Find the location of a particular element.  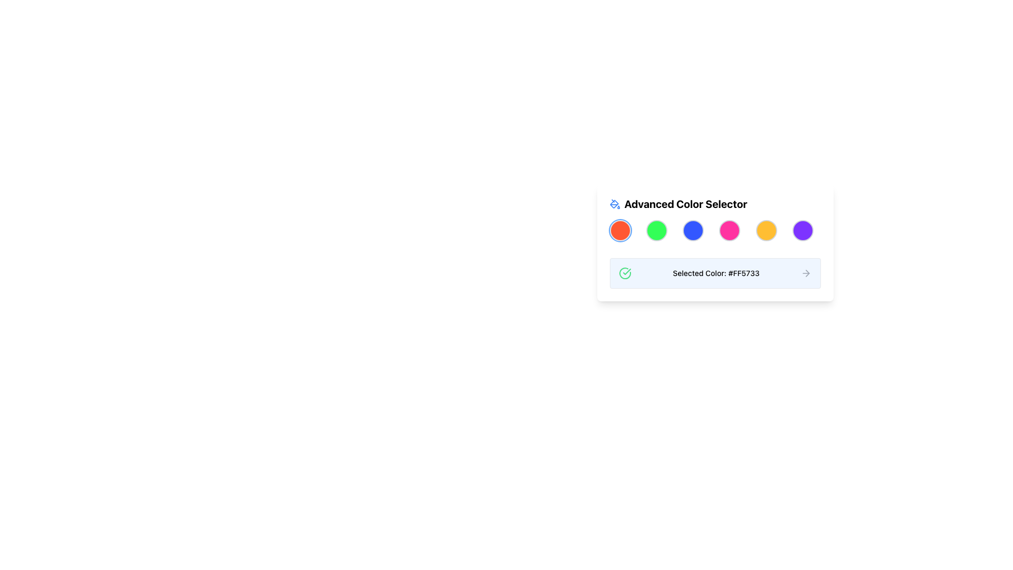

the second circular button with a green background in the 'Advanced Color Selector' interface is located at coordinates (656, 230).